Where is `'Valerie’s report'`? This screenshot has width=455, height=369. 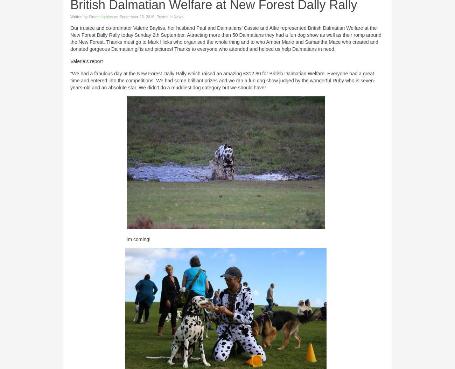 'Valerie’s report' is located at coordinates (86, 61).